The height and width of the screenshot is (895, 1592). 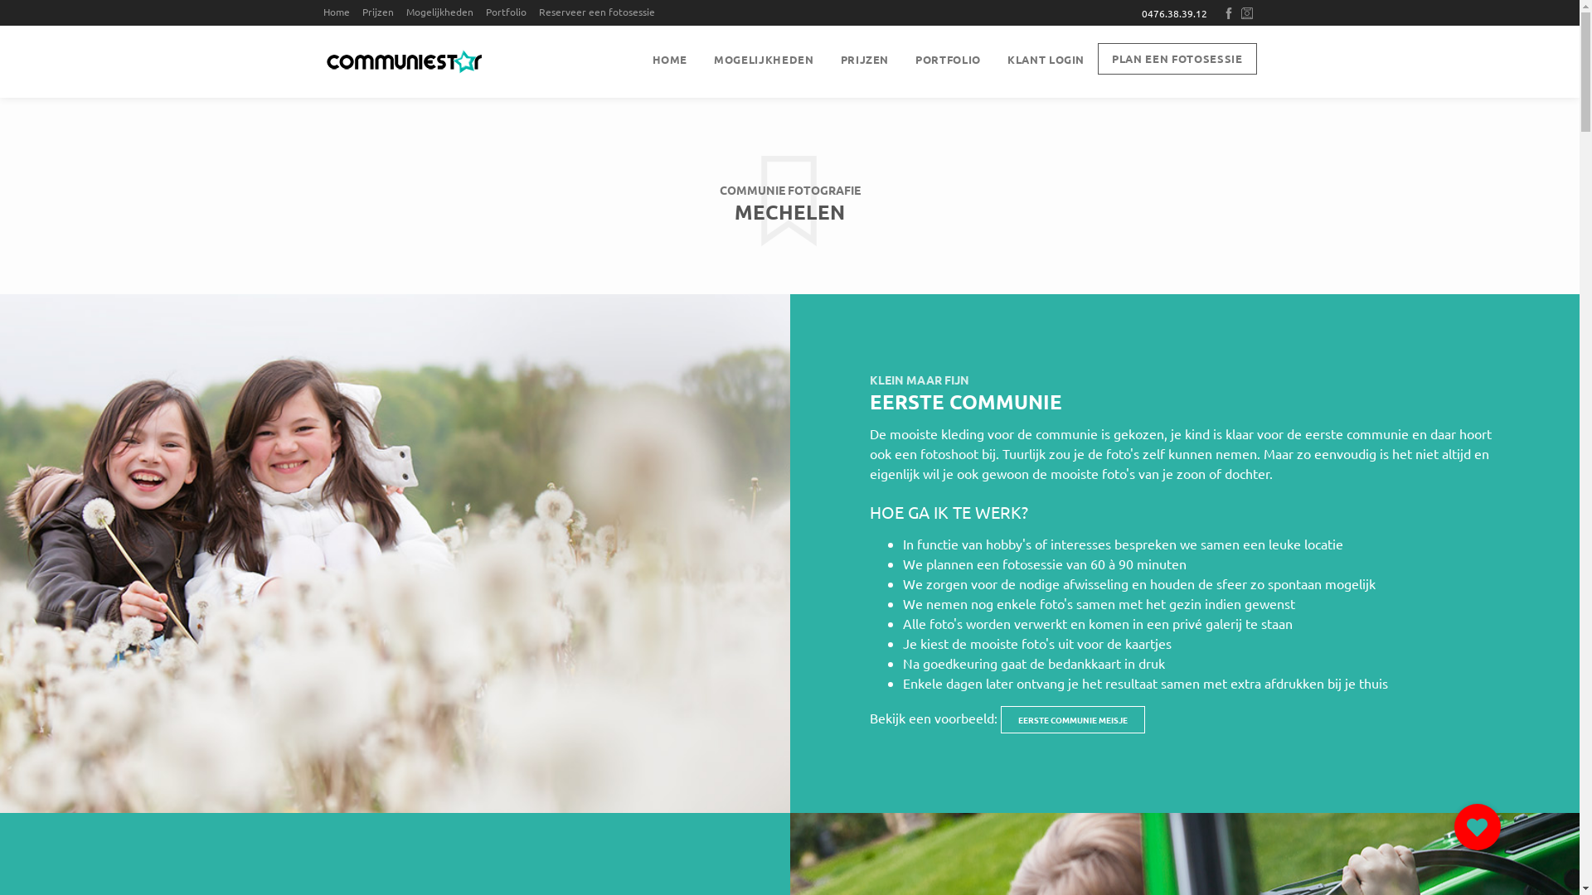 I want to click on 'MOGELIJKHEDEN', so click(x=763, y=59).